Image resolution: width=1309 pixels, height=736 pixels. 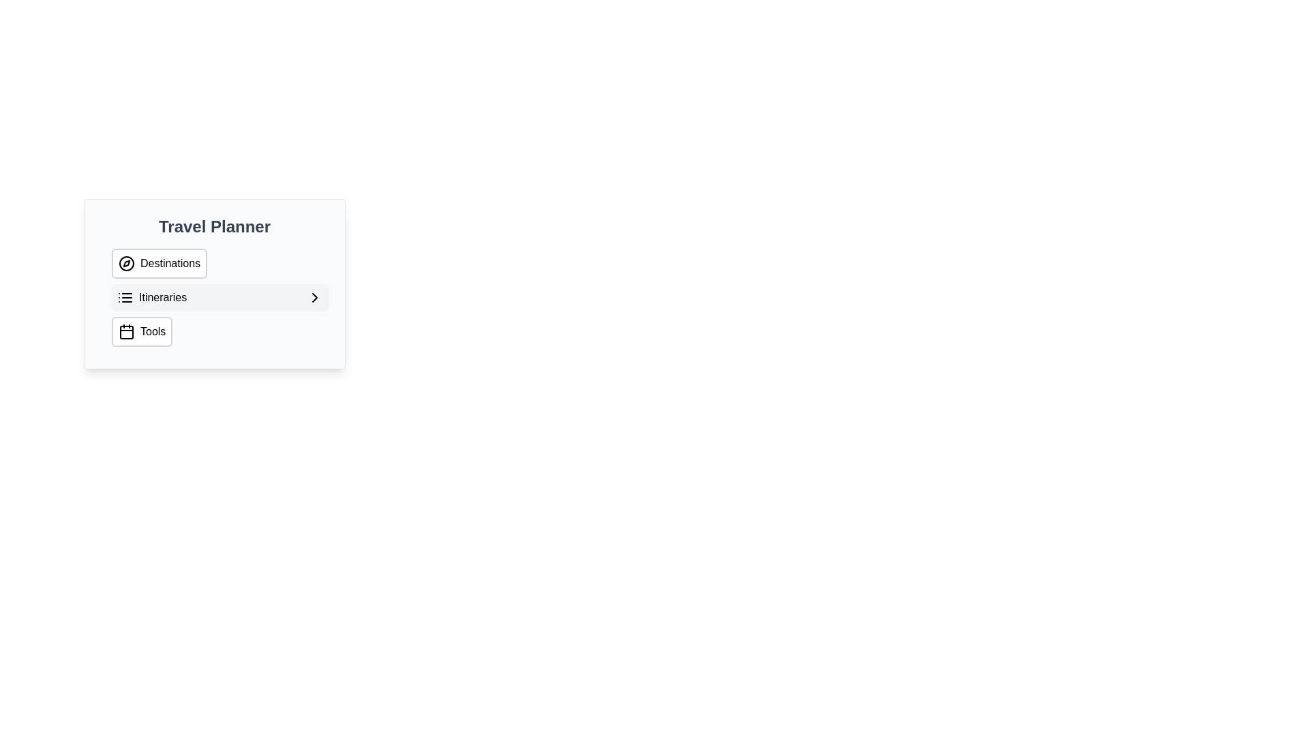 What do you see at coordinates (127, 333) in the screenshot?
I see `the third SVG icon representing tools or calendars, located below the text 'Tools' in the interface` at bounding box center [127, 333].